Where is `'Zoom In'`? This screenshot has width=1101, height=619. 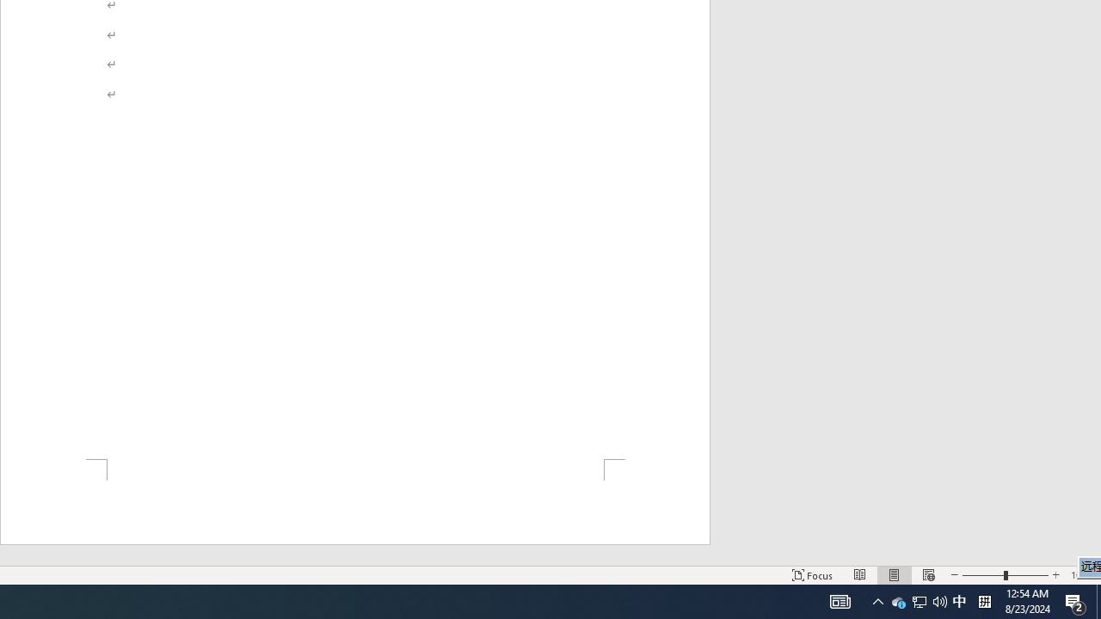 'Zoom In' is located at coordinates (1055, 575).